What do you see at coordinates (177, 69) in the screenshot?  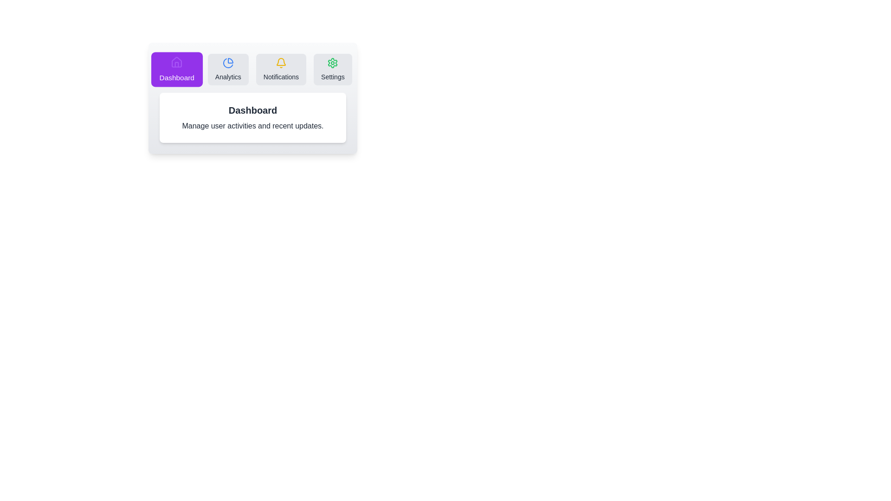 I see `the Dashboard tab` at bounding box center [177, 69].